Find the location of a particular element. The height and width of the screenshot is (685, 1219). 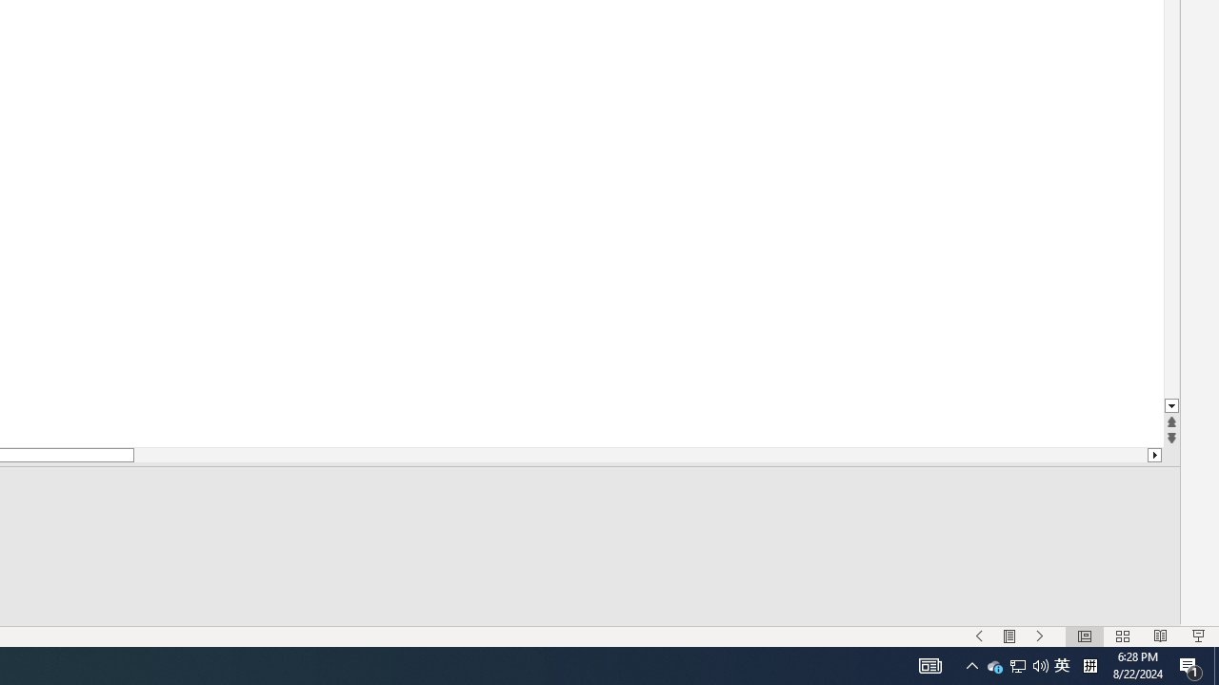

'Slide Sorter' is located at coordinates (1122, 636).